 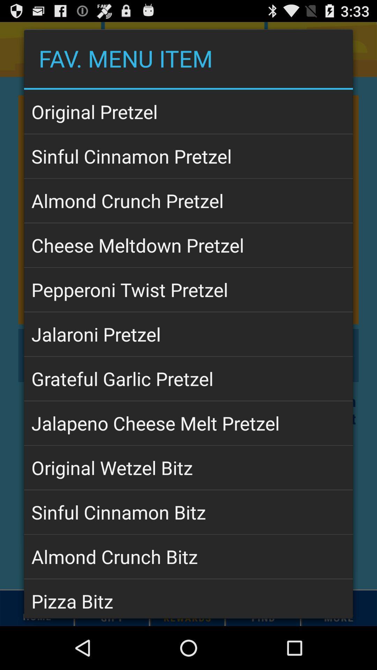 What do you see at coordinates (188, 112) in the screenshot?
I see `the original pretzel app` at bounding box center [188, 112].